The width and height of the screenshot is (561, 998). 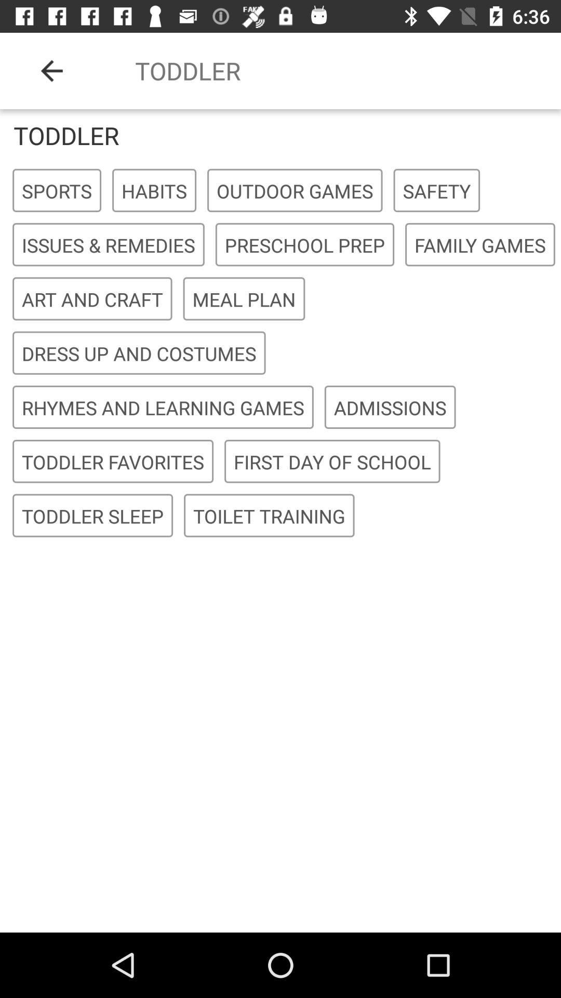 I want to click on the item above the toddler favorites item, so click(x=163, y=407).